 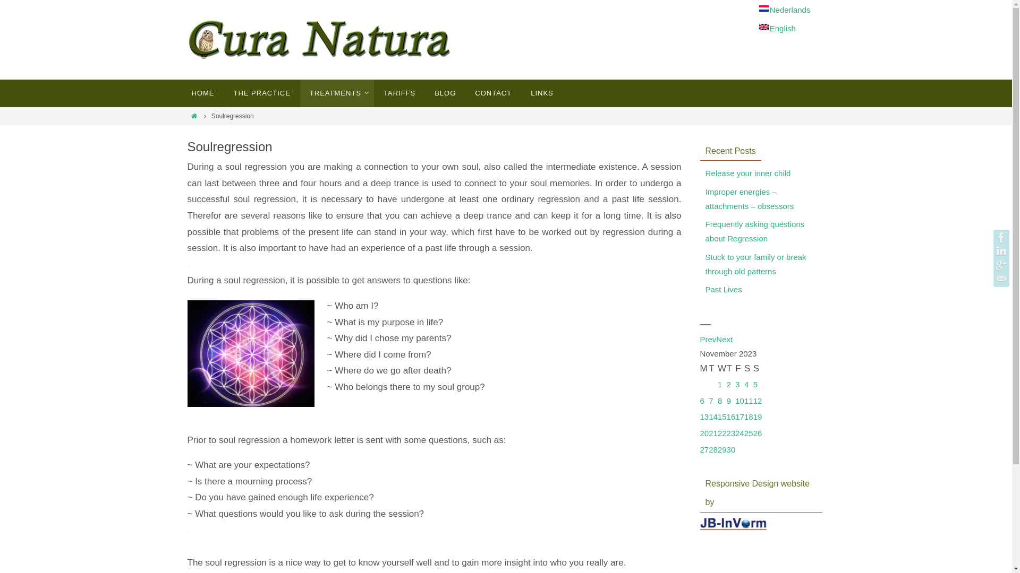 I want to click on 'Prev', so click(x=708, y=340).